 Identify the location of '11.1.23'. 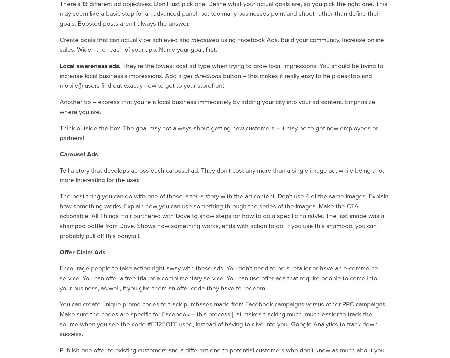
(99, 60).